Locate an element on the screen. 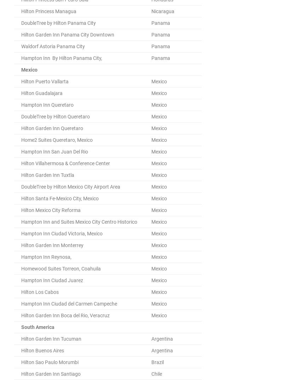  'Hampton Inn San Juan Del Rio' is located at coordinates (21, 151).